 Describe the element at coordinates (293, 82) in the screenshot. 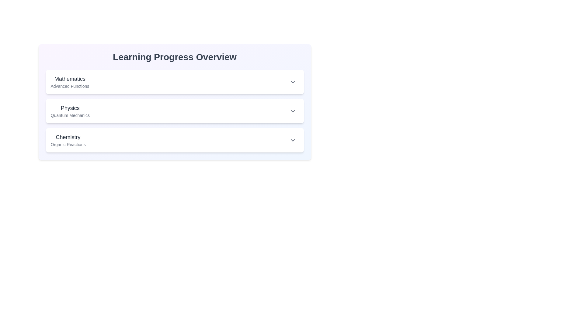

I see `the downward-pointing chevron icon styled with a thin black stroke, located within the white button on the right side of the 'Mathematics' module` at that location.